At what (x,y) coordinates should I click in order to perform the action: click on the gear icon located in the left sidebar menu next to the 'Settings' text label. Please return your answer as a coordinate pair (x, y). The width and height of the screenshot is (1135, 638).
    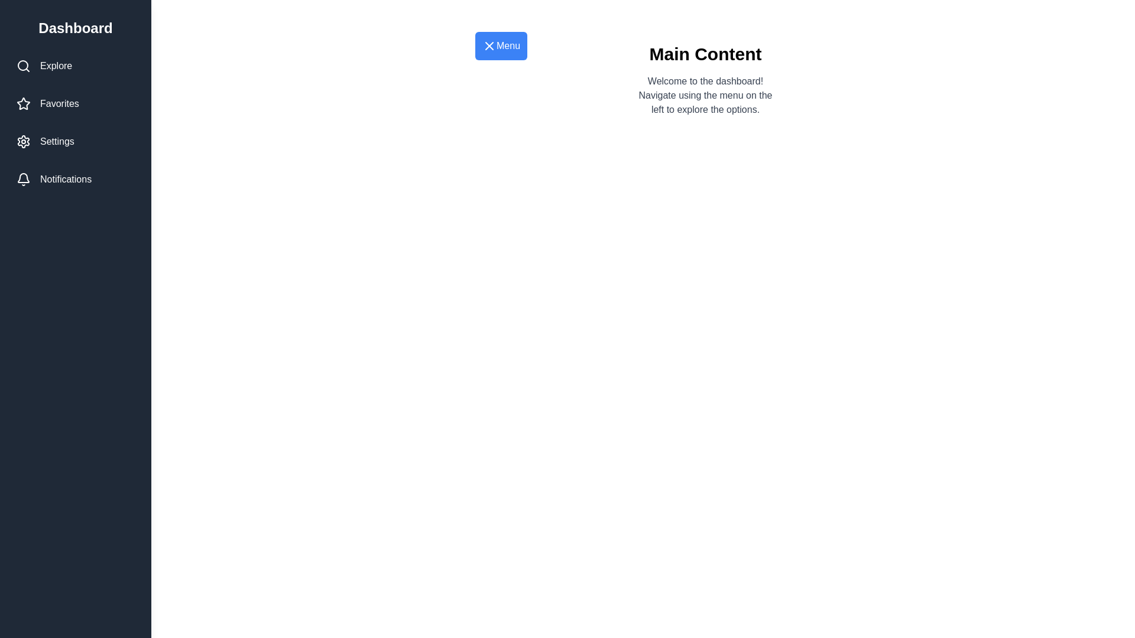
    Looking at the image, I should click on (23, 141).